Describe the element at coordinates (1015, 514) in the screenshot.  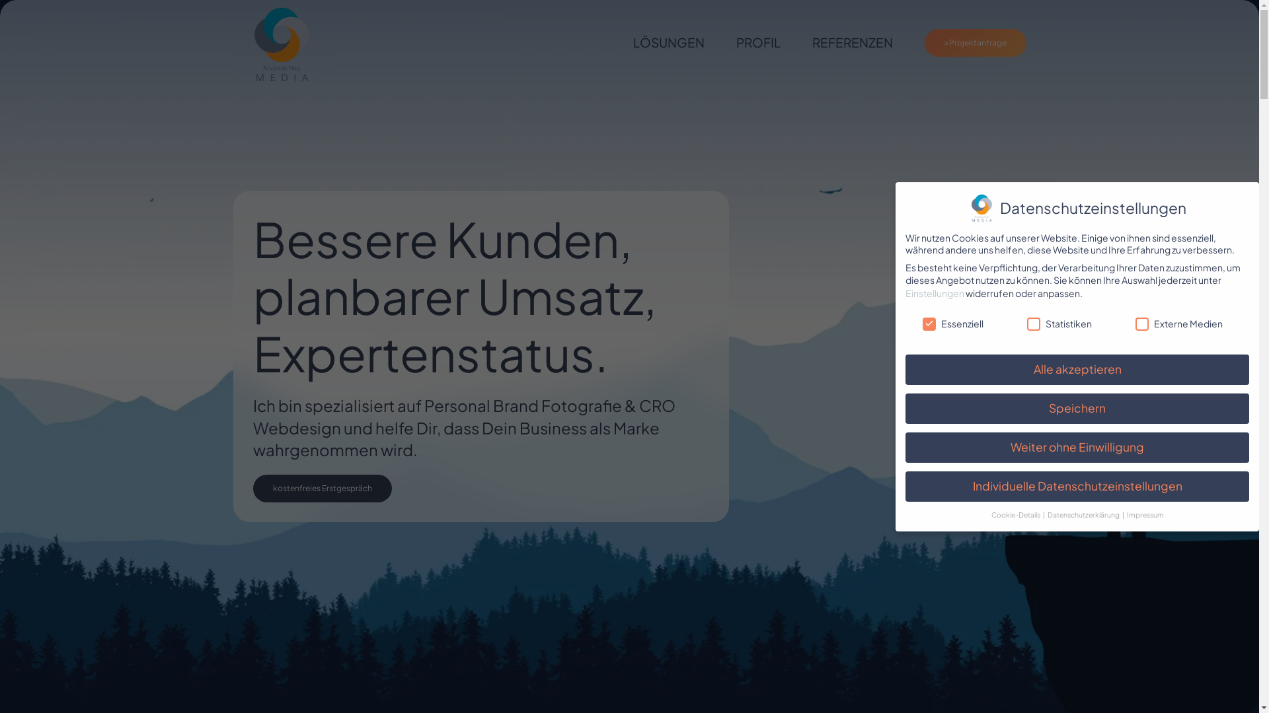
I see `'Cookie-Details'` at that location.